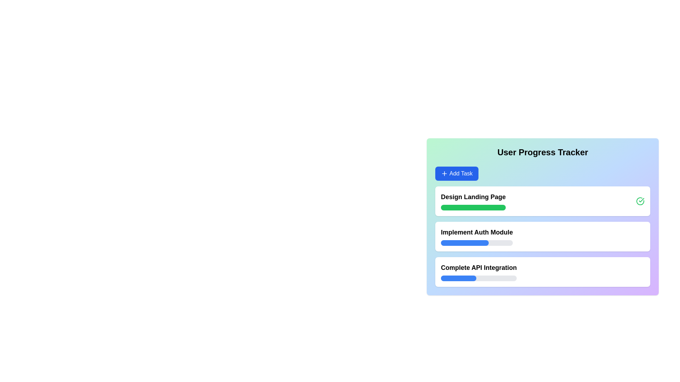  I want to click on the progress bar indicating the completion percentage for the task 'Design Landing Page', which is located directly below the task title in the user progress tracker interface, so click(473, 207).